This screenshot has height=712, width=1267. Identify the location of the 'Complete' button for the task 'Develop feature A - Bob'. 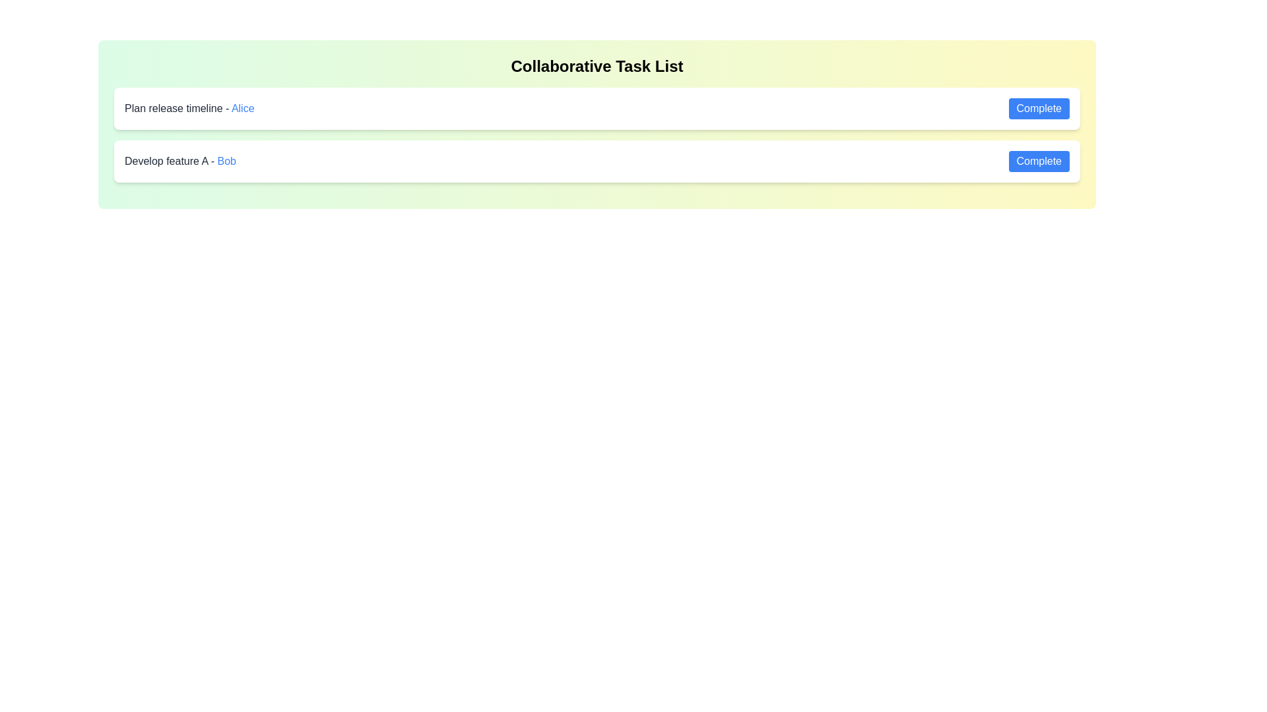
(1038, 161).